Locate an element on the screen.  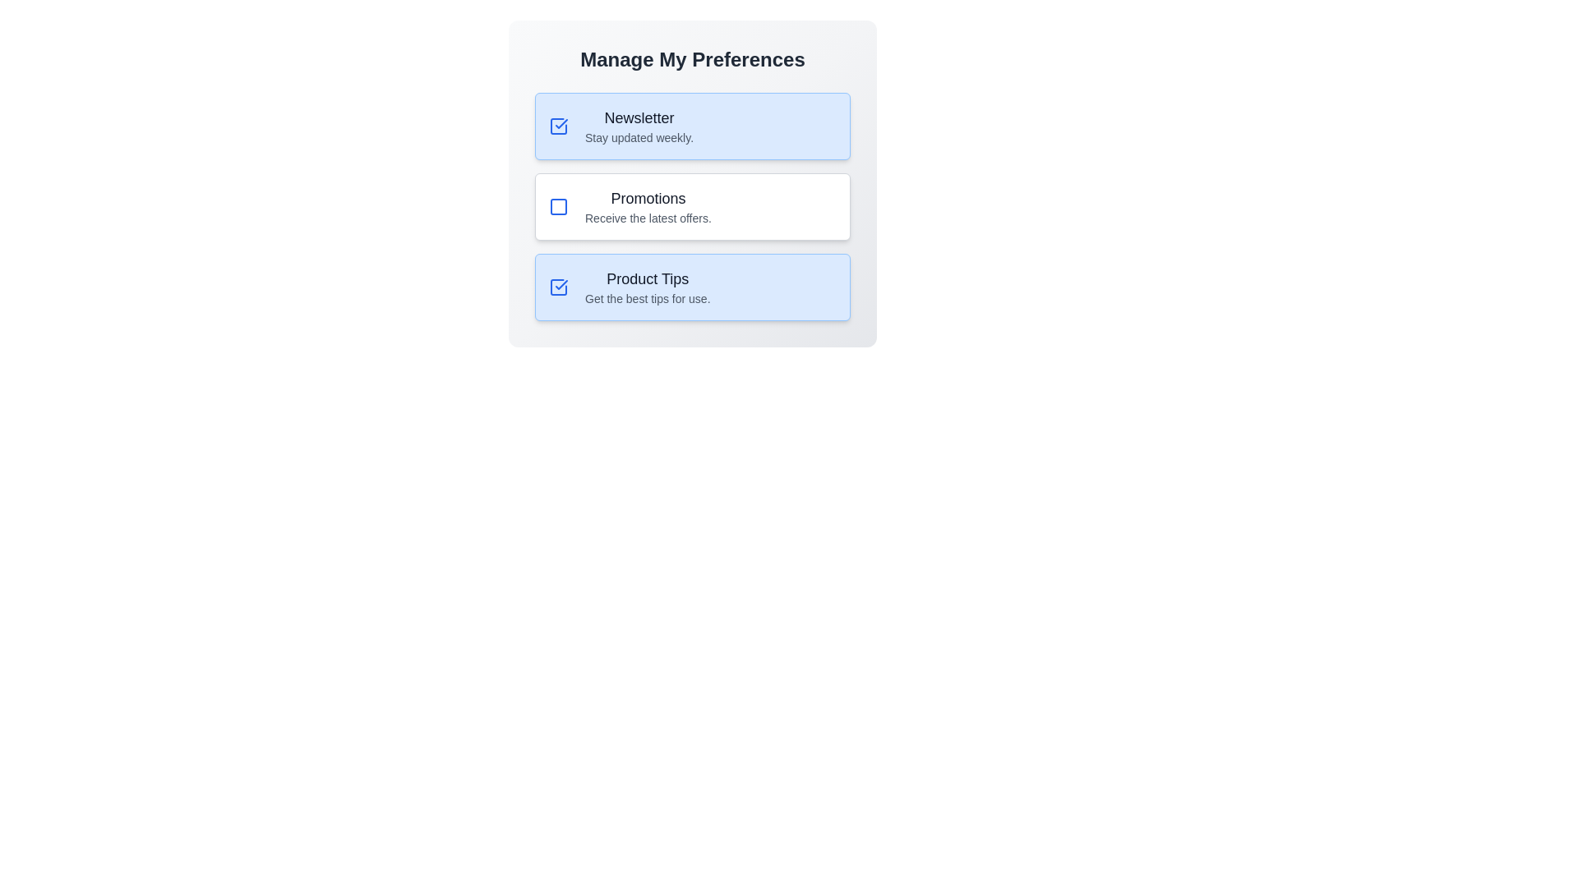
text element titled 'Newsletter' that describes its frequency as 'Stay updated weekly.' It is located near the top of the list under 'Manage My Preferences' is located at coordinates (638, 126).